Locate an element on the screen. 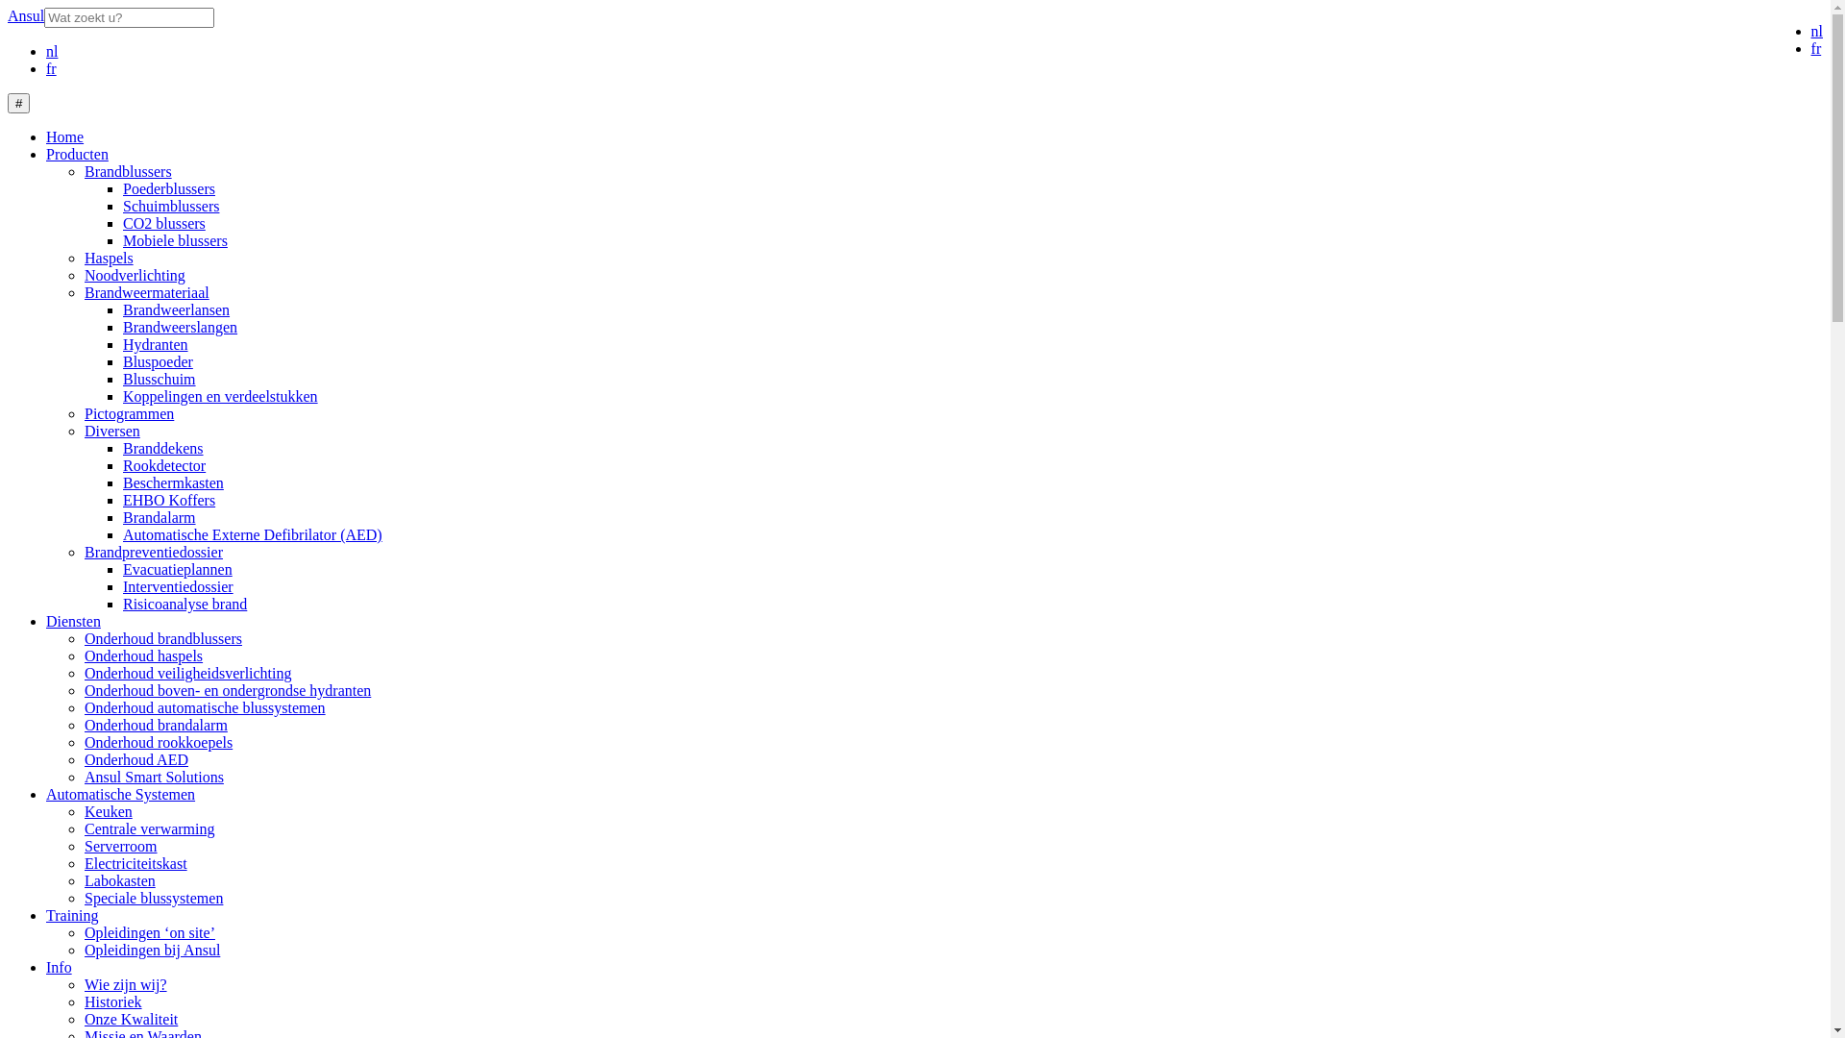 The width and height of the screenshot is (1845, 1038). 'Diensten' is located at coordinates (73, 621).